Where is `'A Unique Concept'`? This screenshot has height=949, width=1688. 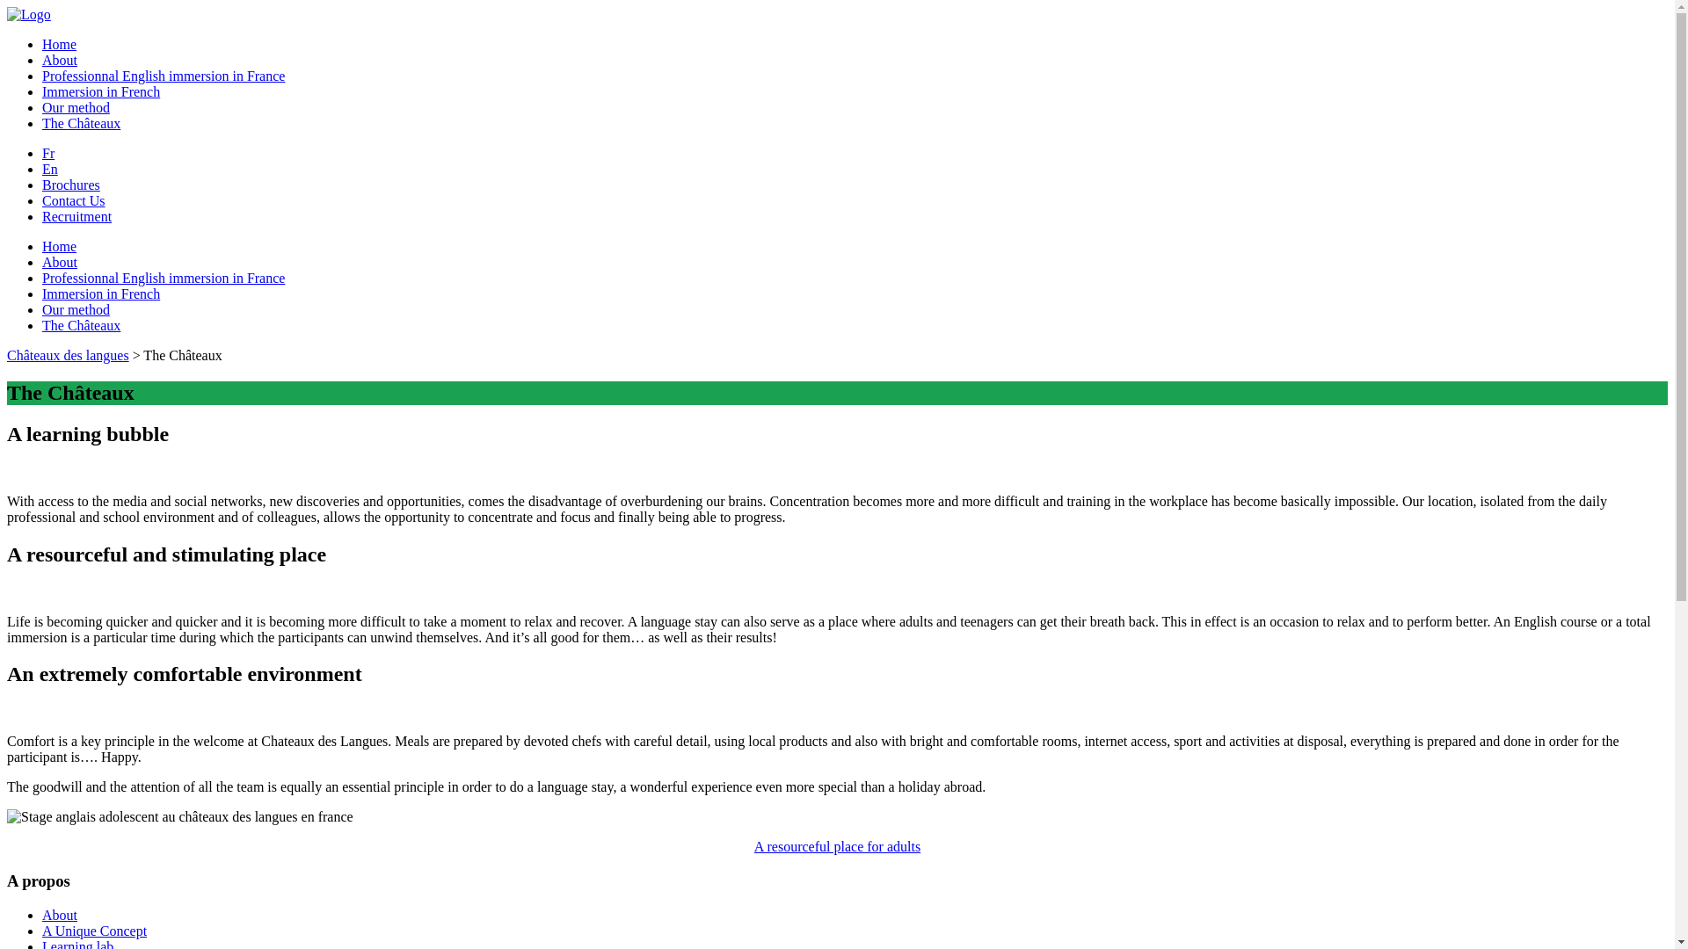 'A Unique Concept' is located at coordinates (93, 930).